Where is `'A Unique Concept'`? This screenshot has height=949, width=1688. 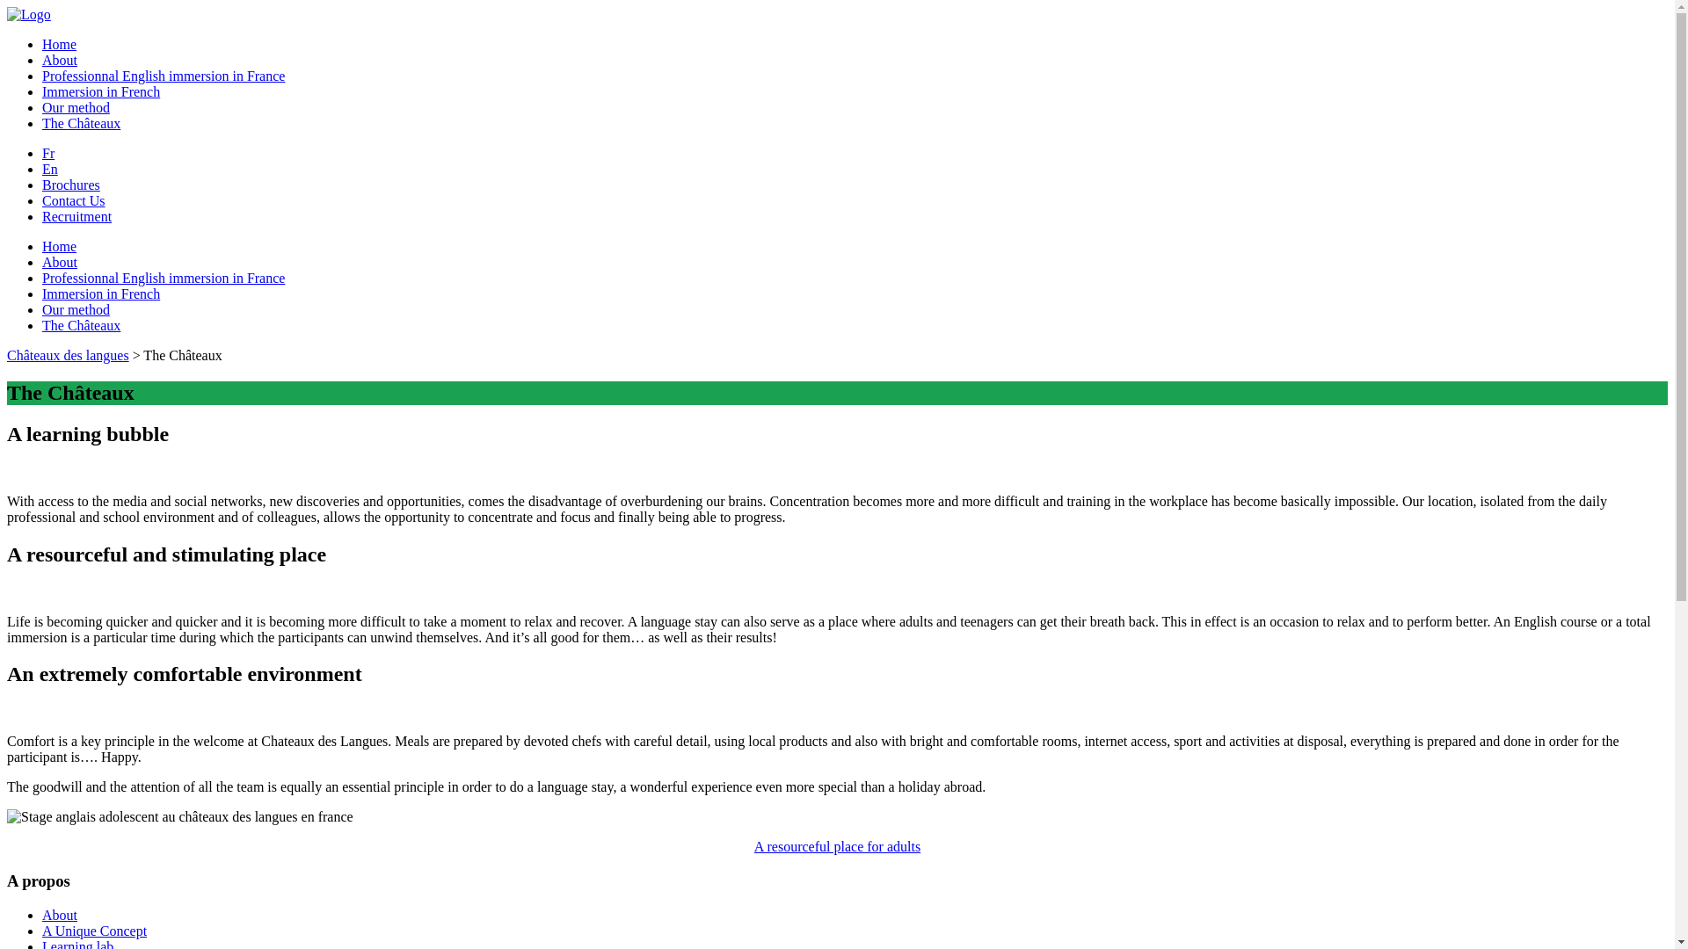 'A Unique Concept' is located at coordinates (93, 930).